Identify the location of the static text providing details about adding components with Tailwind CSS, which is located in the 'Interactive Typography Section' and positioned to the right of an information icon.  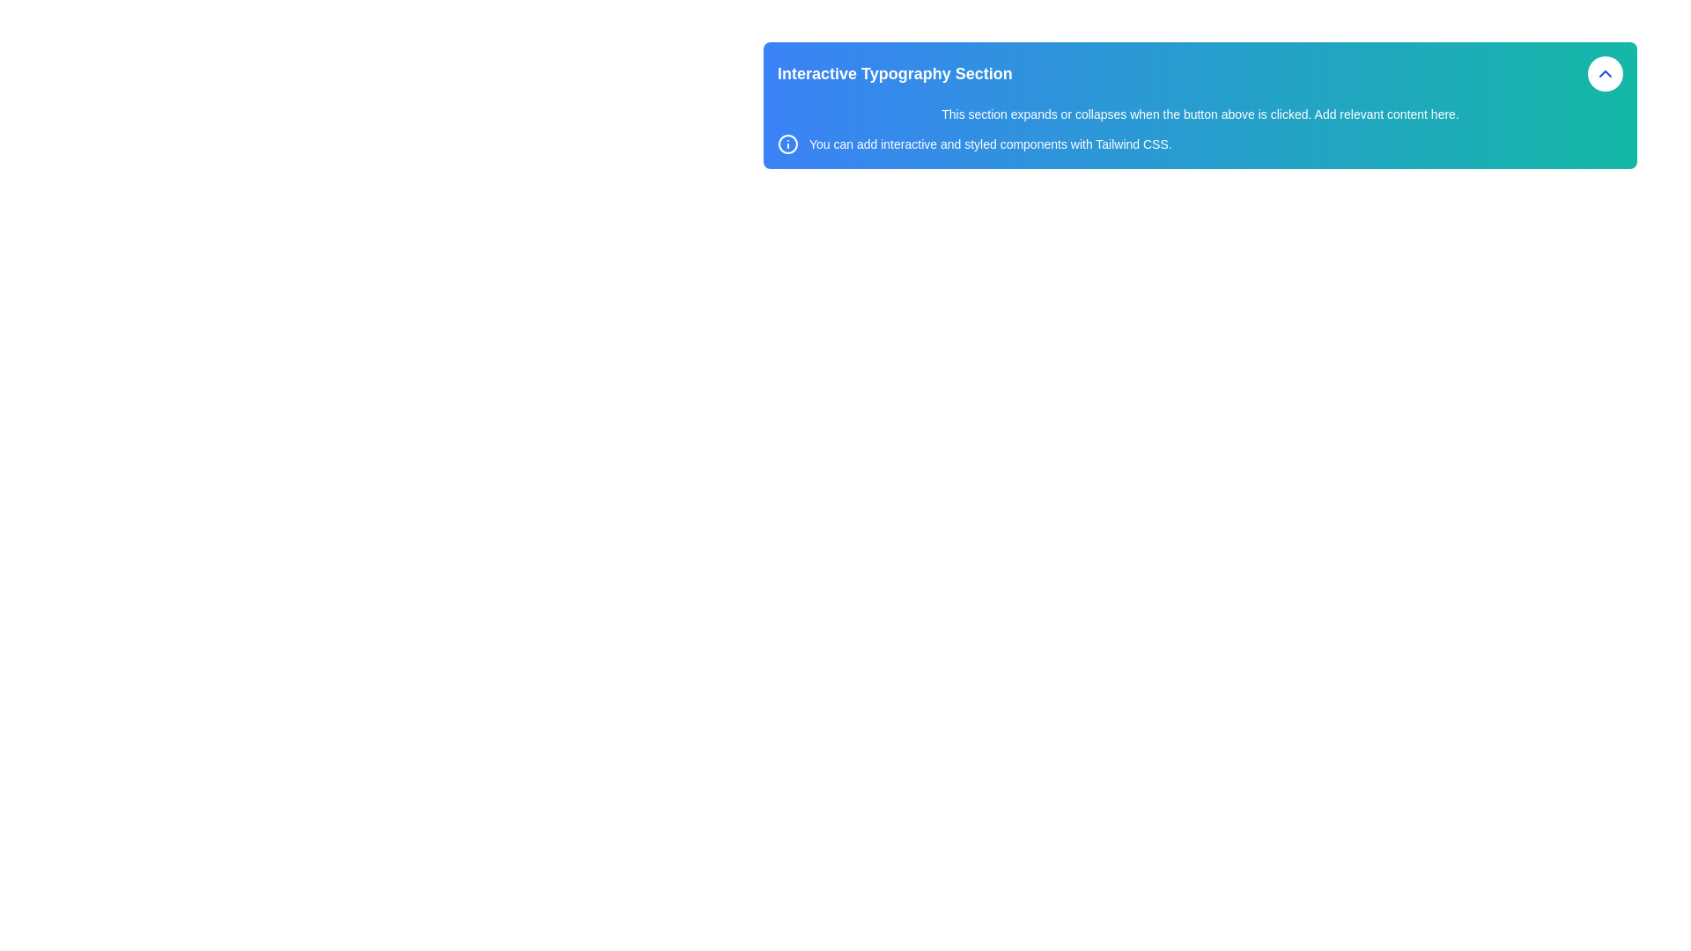
(990, 144).